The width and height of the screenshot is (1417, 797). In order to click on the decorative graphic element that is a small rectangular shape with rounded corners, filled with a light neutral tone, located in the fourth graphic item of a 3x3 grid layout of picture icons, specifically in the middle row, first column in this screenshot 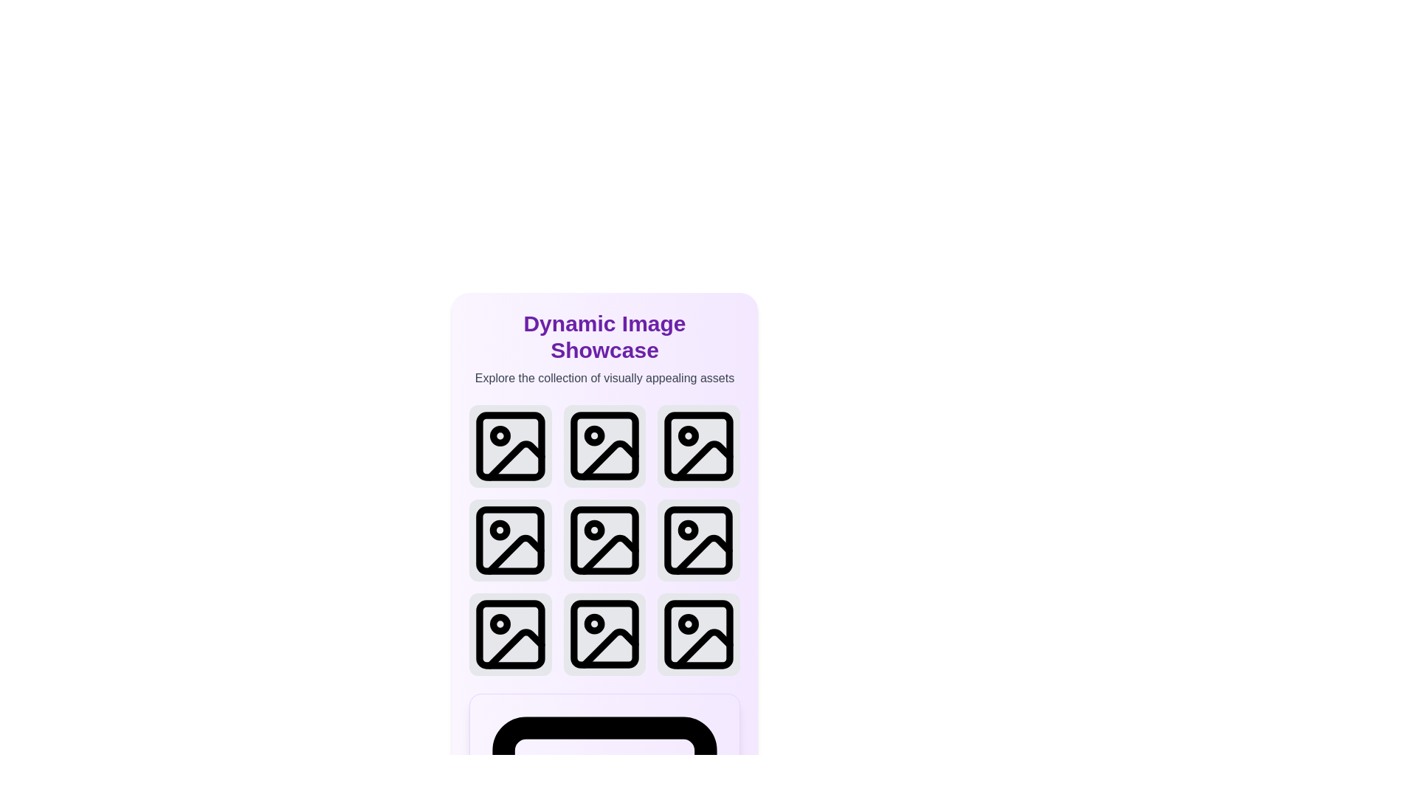, I will do `click(510, 540)`.